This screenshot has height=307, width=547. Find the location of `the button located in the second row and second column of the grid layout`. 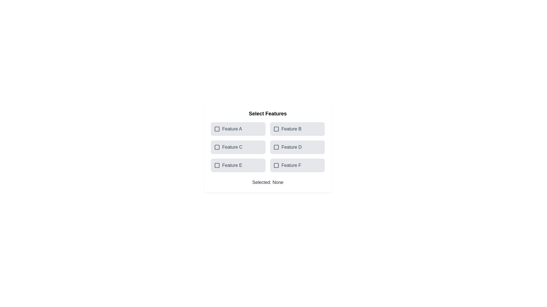

the button located in the second row and second column of the grid layout is located at coordinates (297, 147).